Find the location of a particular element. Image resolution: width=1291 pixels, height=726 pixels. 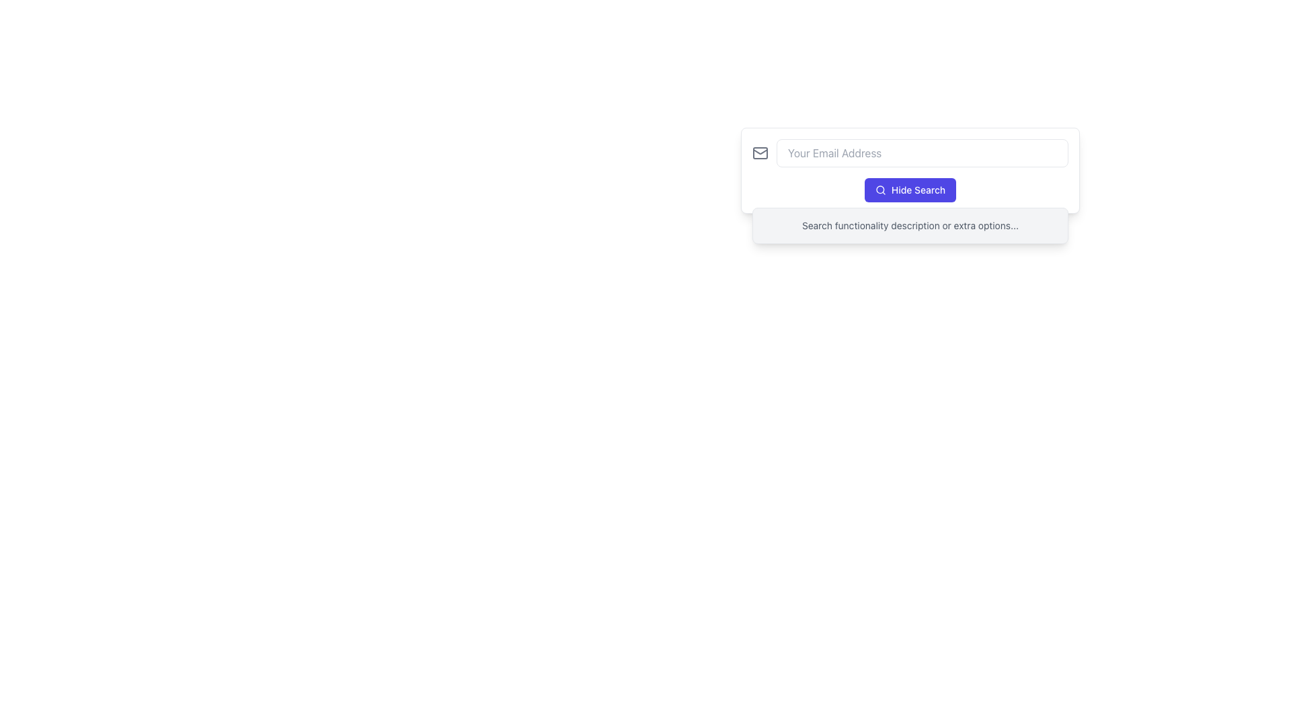

the informational tooltip or contextual hint box located directly below the 'Hide Search' button, which provides guidance related to the search functionality is located at coordinates (910, 225).